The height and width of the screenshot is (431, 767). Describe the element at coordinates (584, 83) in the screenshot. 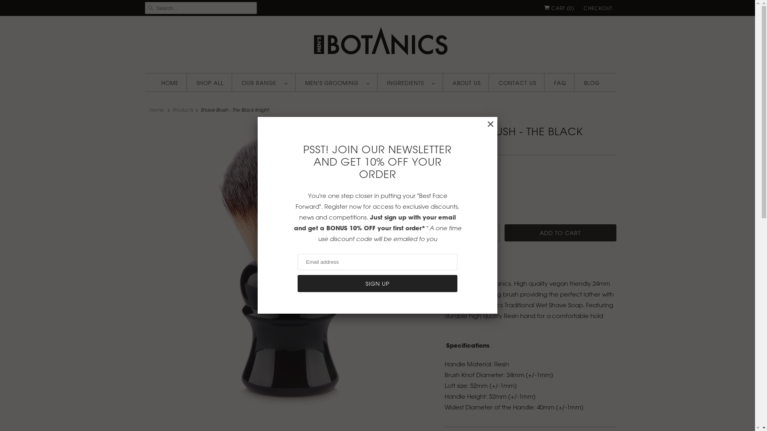

I see `'BLOG'` at that location.